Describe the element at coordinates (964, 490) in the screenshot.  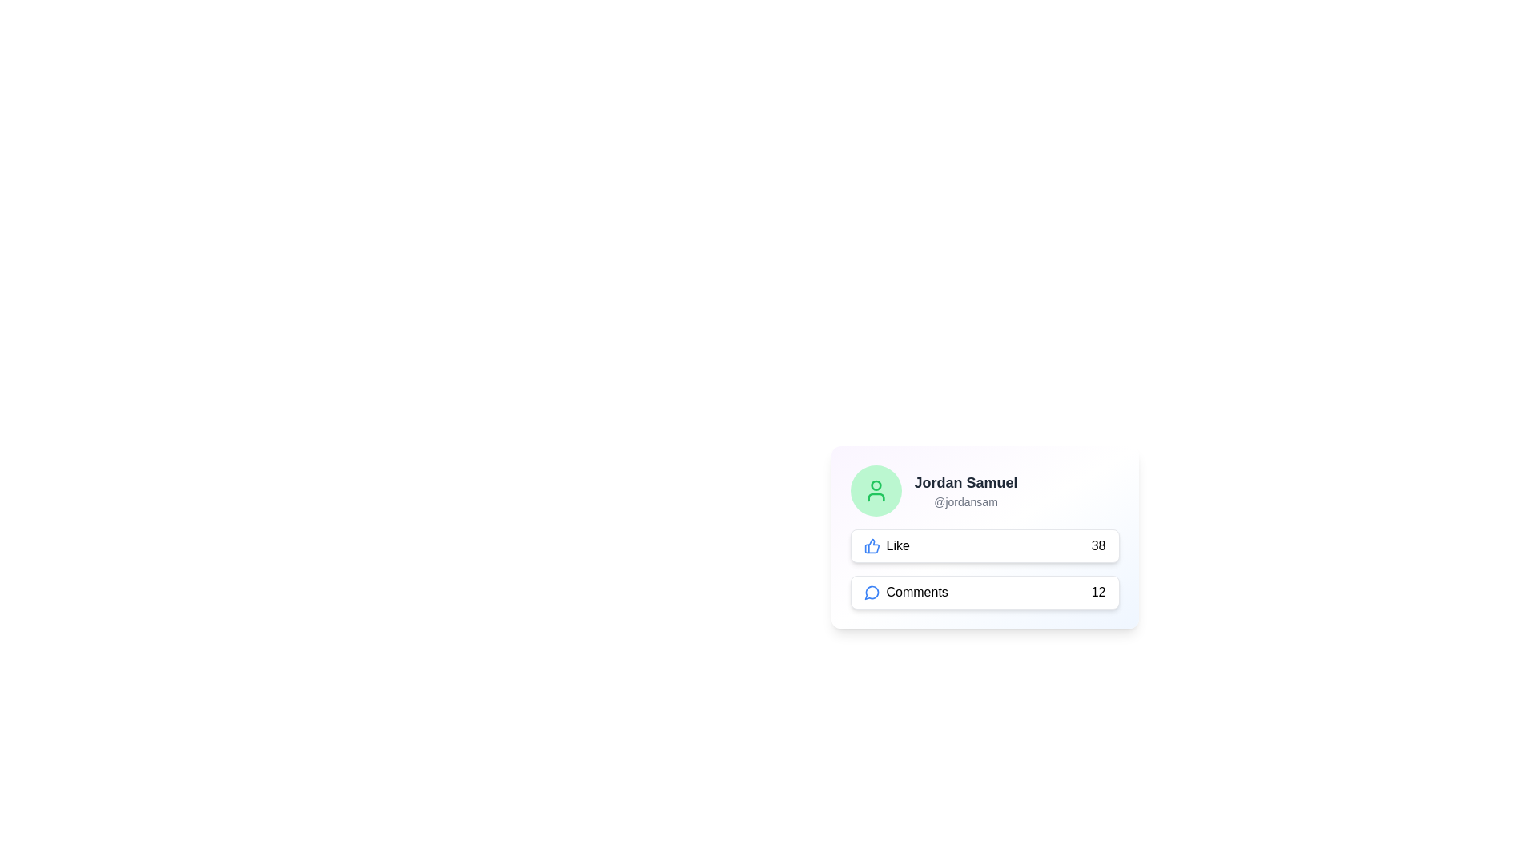
I see `text displayed in the Text Display element that shows a bold title 'Jordan Samuel' and a subdued '@jordansam' below it` at that location.